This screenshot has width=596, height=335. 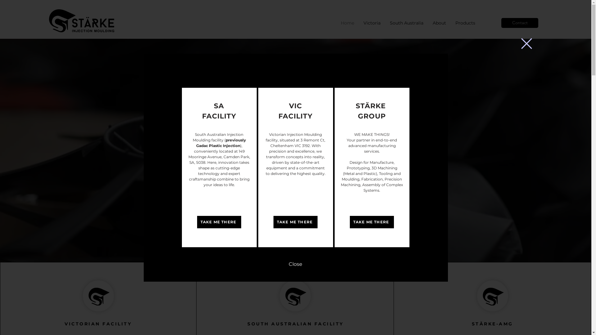 What do you see at coordinates (520, 22) in the screenshot?
I see `'Contact'` at bounding box center [520, 22].